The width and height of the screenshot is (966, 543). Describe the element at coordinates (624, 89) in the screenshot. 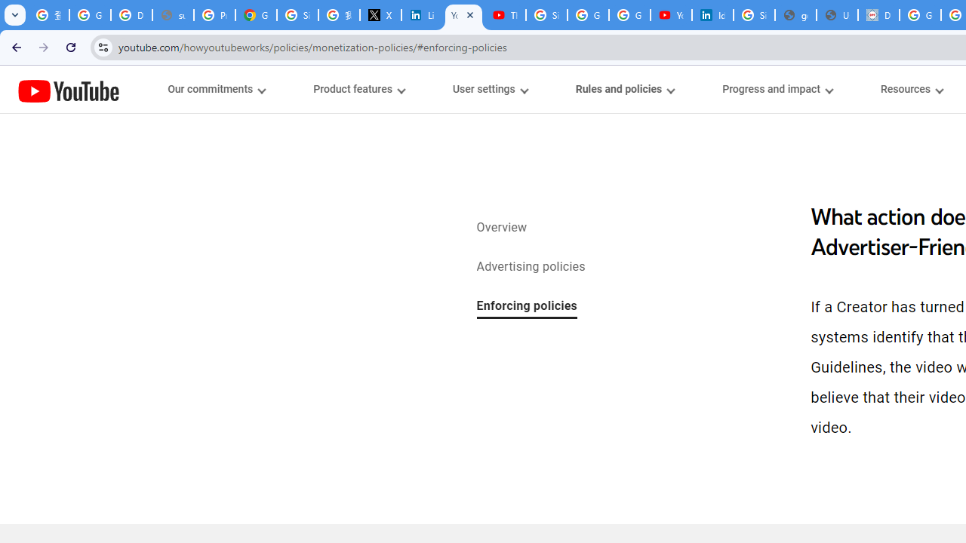

I see `'Rules and policies menupopup'` at that location.